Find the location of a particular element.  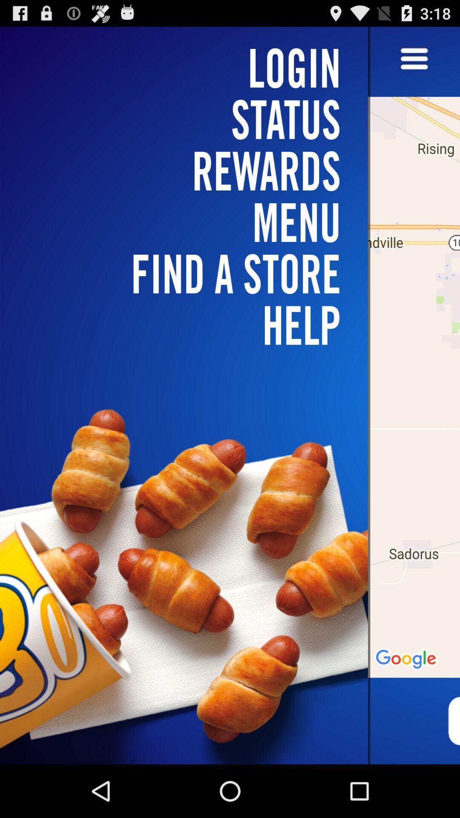

the login icon is located at coordinates (189, 67).